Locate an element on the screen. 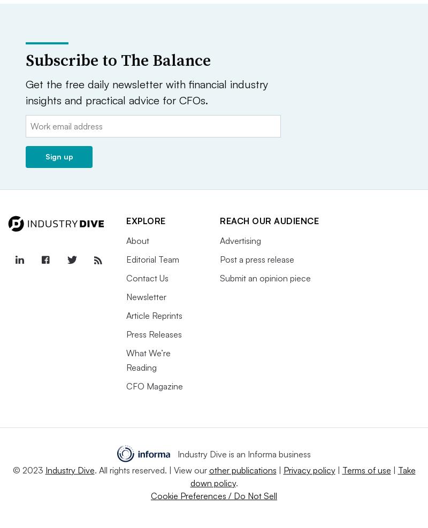 This screenshot has width=428, height=528. 'Press Releases' is located at coordinates (154, 333).